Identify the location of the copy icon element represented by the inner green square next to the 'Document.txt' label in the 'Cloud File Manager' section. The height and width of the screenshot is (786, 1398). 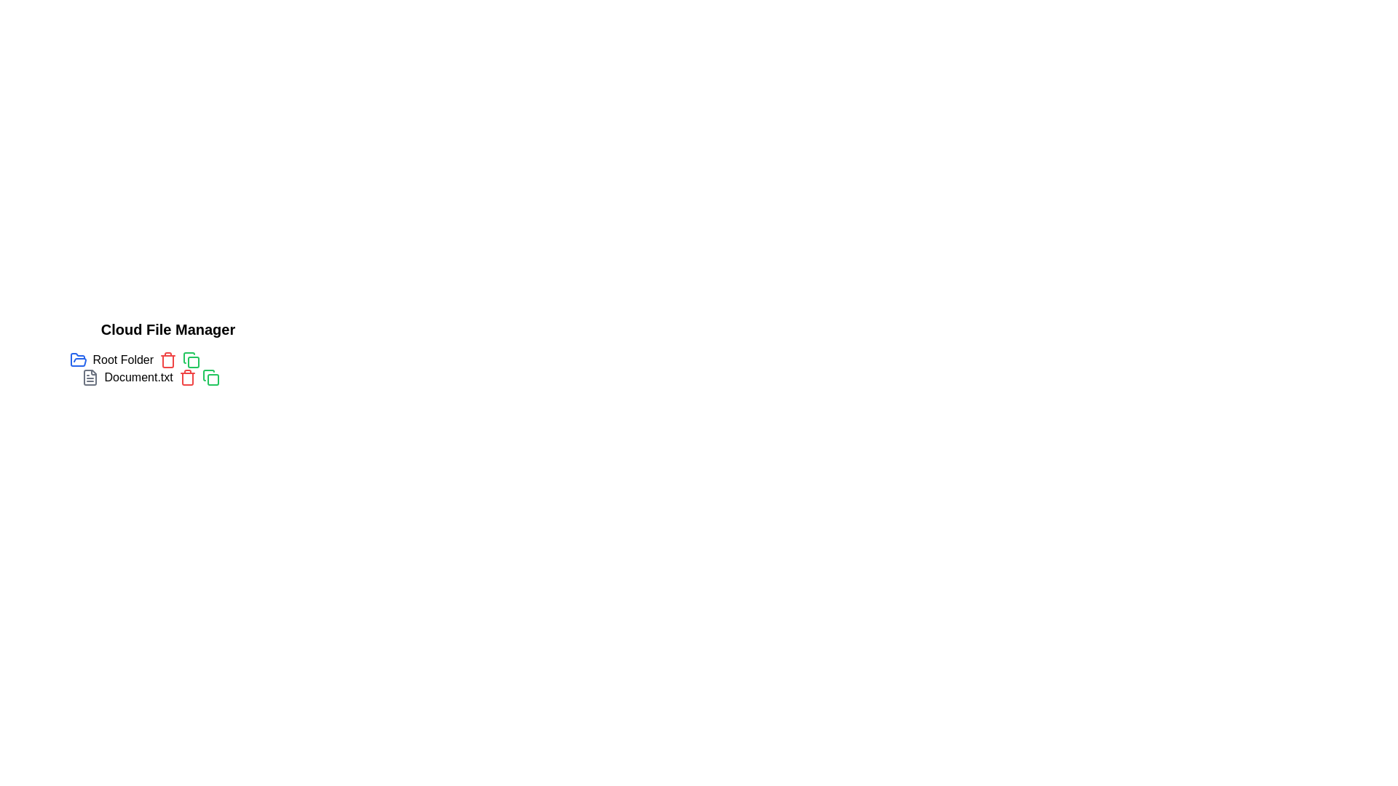
(212, 378).